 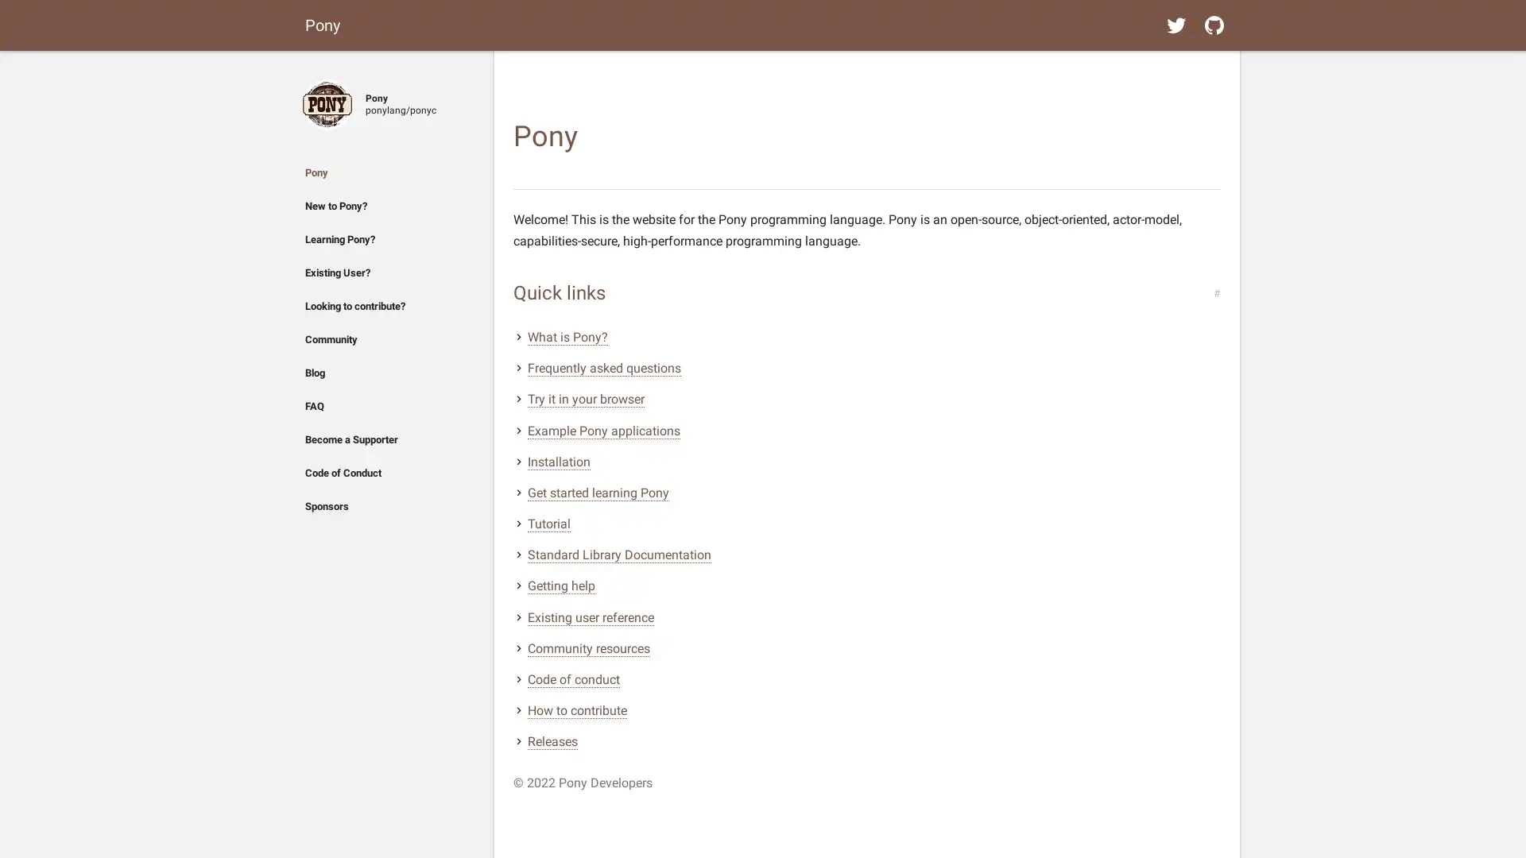 I want to click on GitHub, so click(x=1213, y=25).